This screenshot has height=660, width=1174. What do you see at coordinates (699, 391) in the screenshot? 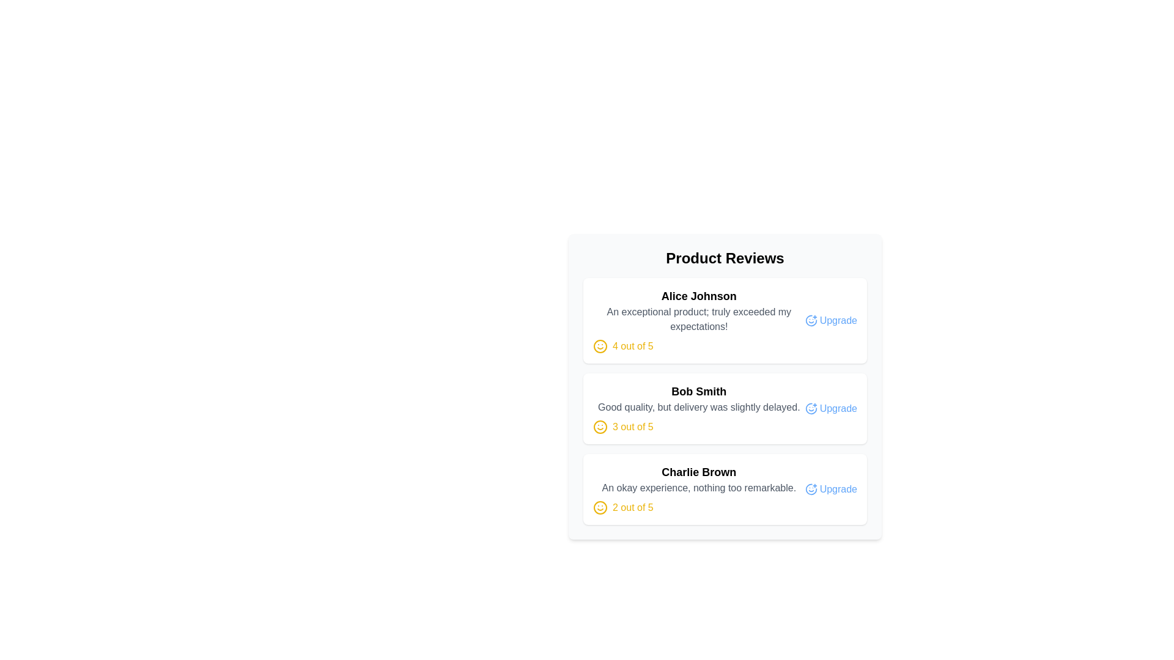
I see `the reviewer name Bob Smith to observe it` at bounding box center [699, 391].